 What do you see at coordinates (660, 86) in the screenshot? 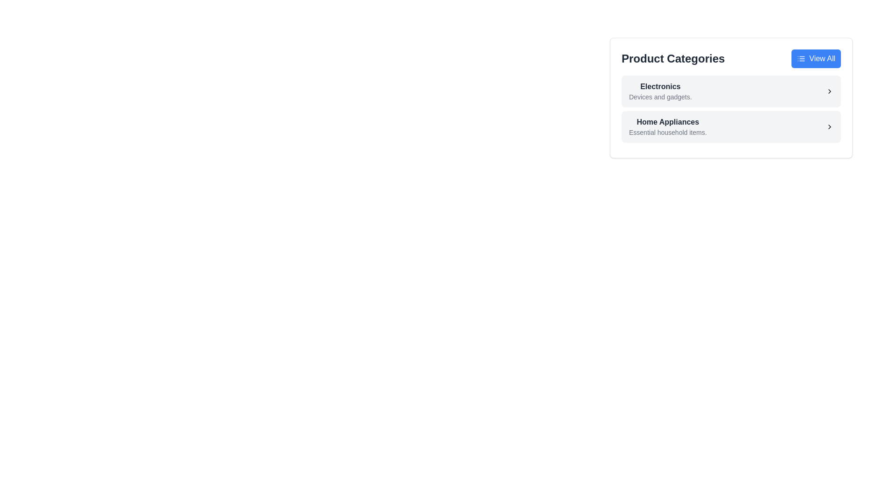
I see `the 'Electronics' text label which is displayed in bold dark gray font, located at the top row of the 'Product Categories' section` at bounding box center [660, 86].